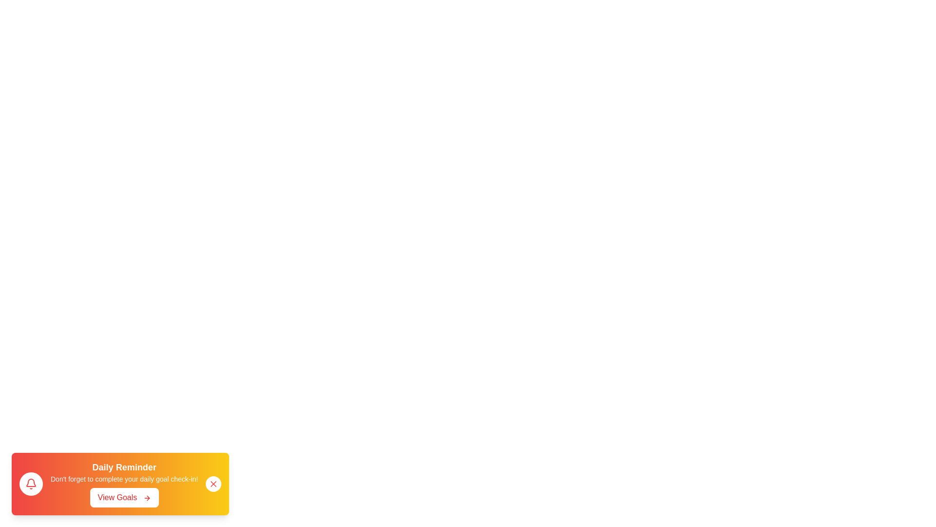 The image size is (936, 527). Describe the element at coordinates (123, 497) in the screenshot. I see `the 'View Goals' button to navigate to the goals page` at that location.